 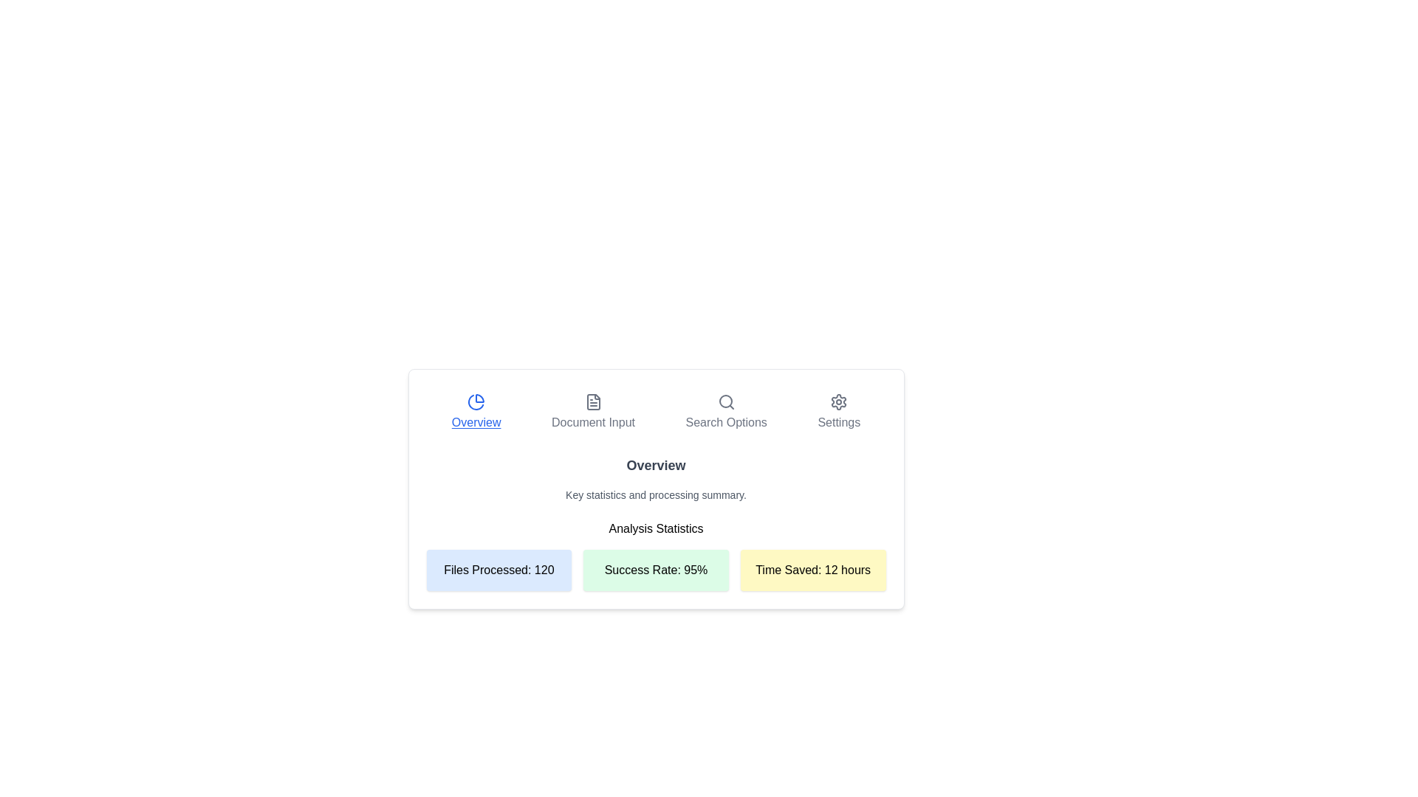 What do you see at coordinates (839, 423) in the screenshot?
I see `the 'Settings' text label, which is positioned under a gear icon in a horizontal menu at the top of a card-like interface` at bounding box center [839, 423].